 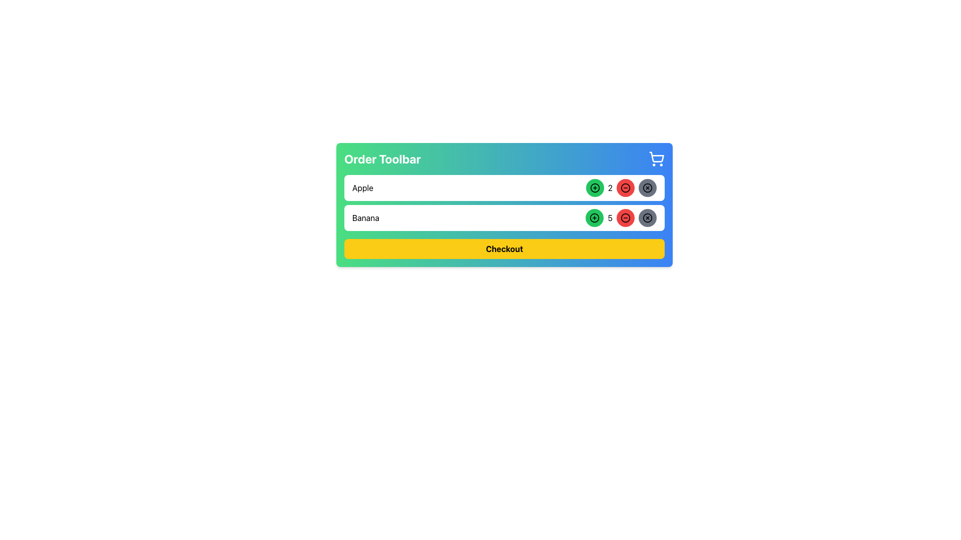 I want to click on the second item in the interactive list under the 'Order Toolbar' heading, so click(x=505, y=202).